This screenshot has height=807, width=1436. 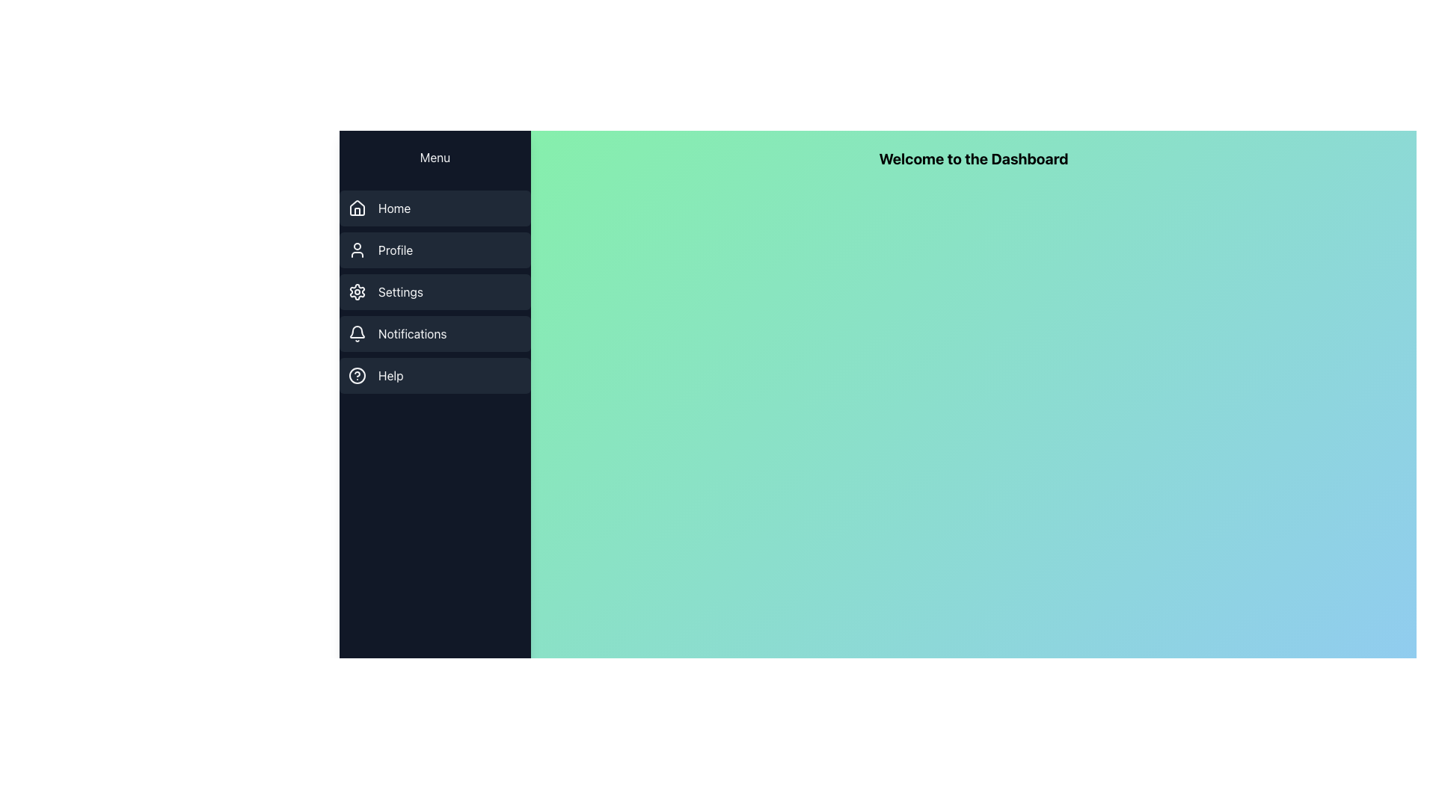 What do you see at coordinates (434, 208) in the screenshot?
I see `the 'Home' menu item located in the vertical menu panel on the left side of the application, which is the first item from the top` at bounding box center [434, 208].